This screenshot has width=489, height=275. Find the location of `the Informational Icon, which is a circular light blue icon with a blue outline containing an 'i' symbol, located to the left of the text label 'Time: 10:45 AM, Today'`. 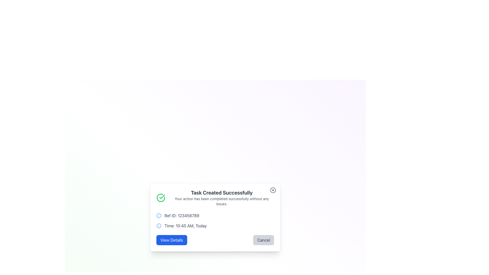

the Informational Icon, which is a circular light blue icon with a blue outline containing an 'i' symbol, located to the left of the text label 'Time: 10:45 AM, Today' is located at coordinates (159, 226).